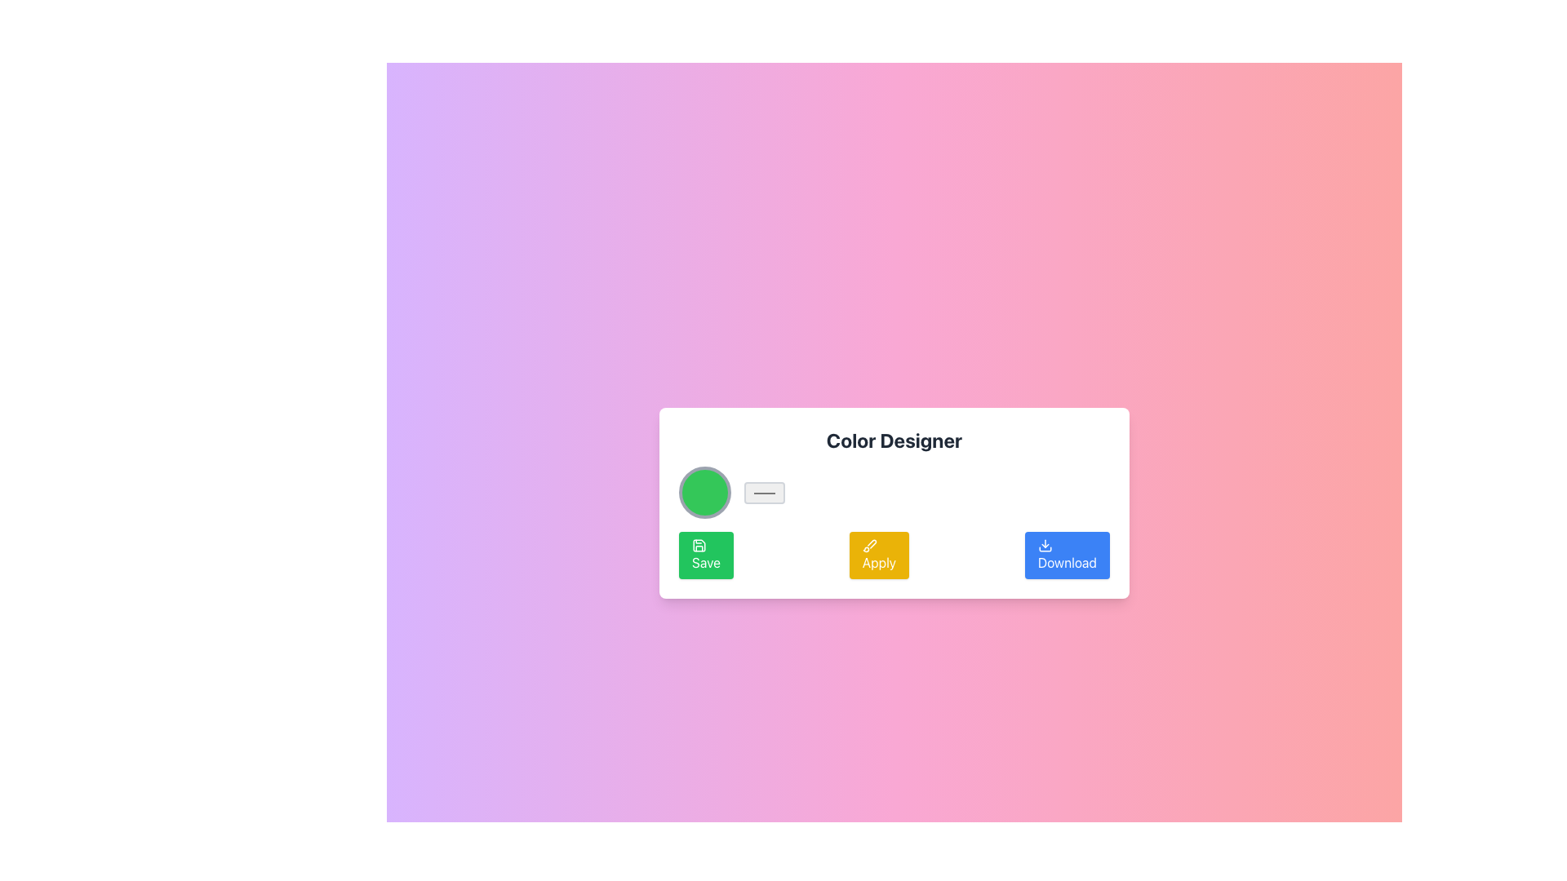  Describe the element at coordinates (868, 545) in the screenshot. I see `the Apply button that contains the small white paint brush icon within a yellow button, located near the bottom center of the 'Color Designer' card` at that location.